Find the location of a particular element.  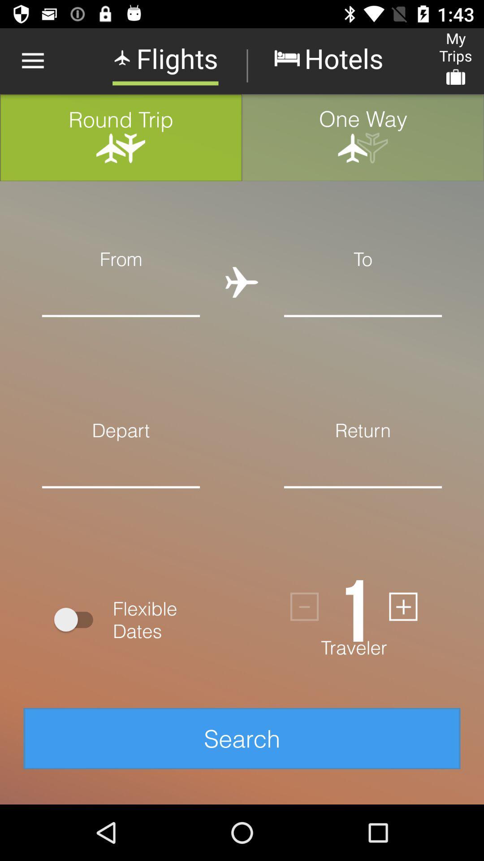

depart icon is located at coordinates (121, 429).